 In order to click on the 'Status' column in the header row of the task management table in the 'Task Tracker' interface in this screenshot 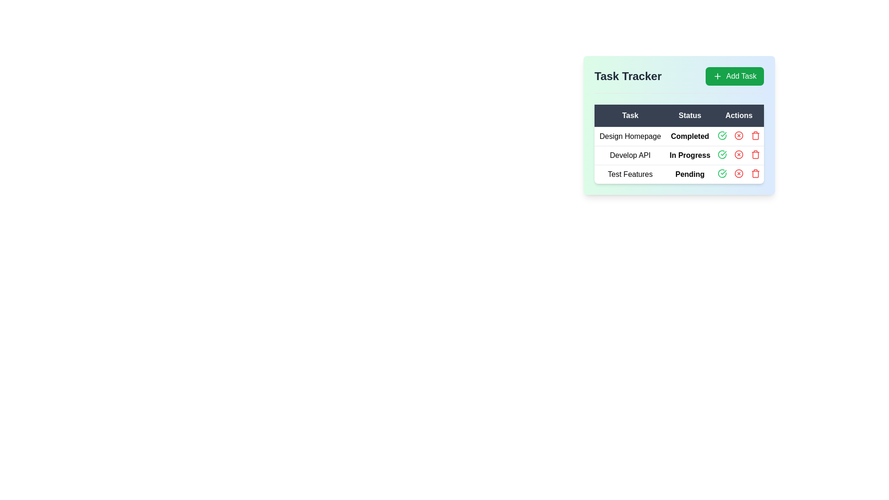, I will do `click(679, 115)`.